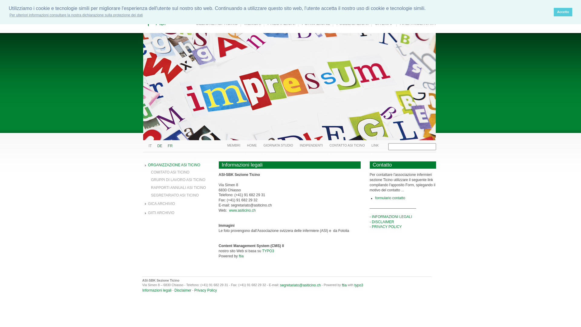 The height and width of the screenshot is (327, 581). Describe the element at coordinates (386, 226) in the screenshot. I see `'PRIVACY POLICY'` at that location.